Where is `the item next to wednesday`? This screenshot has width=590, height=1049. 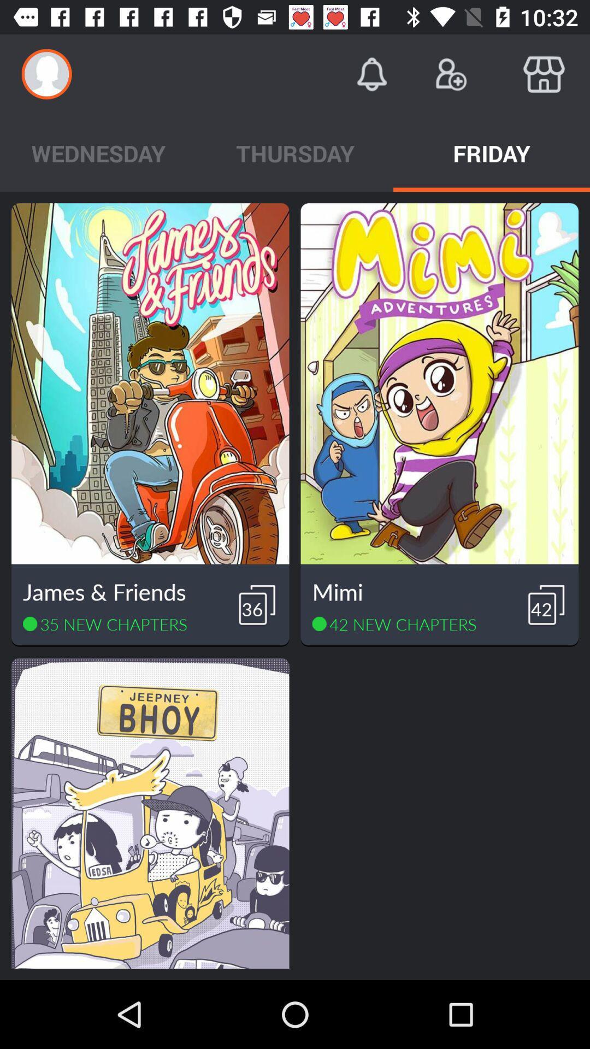
the item next to wednesday is located at coordinates (295, 152).